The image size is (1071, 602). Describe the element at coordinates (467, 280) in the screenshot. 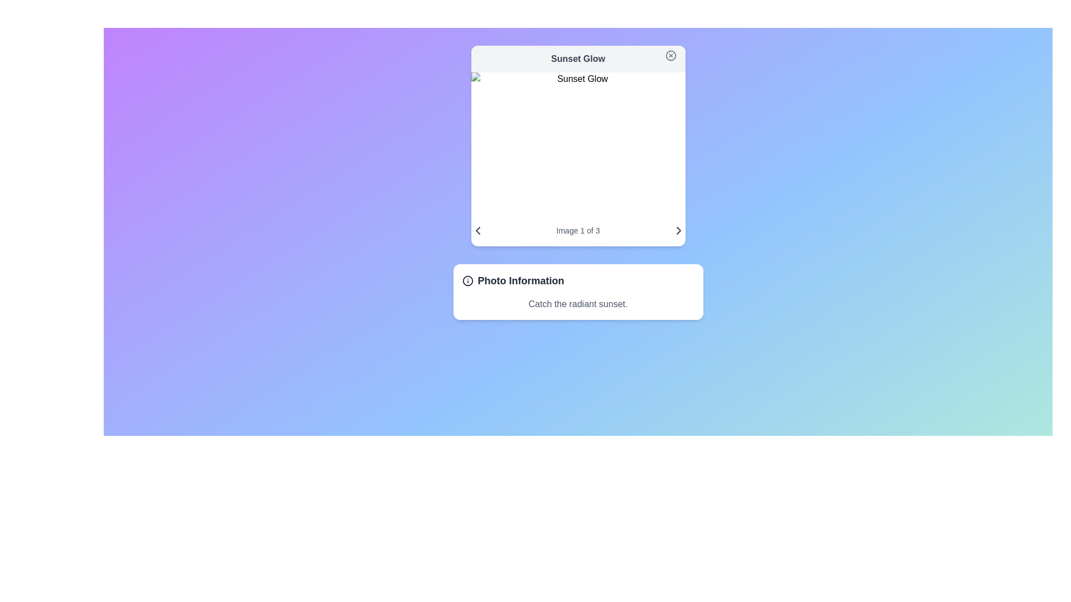

I see `the information icon located to the left of the 'Photo Information' label, which signifies that detailed information can be viewed or obtained` at that location.